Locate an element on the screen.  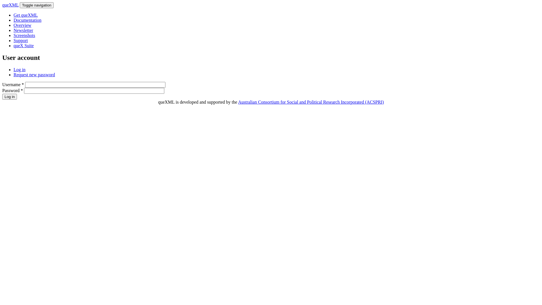
'Screenshots' is located at coordinates (24, 35).